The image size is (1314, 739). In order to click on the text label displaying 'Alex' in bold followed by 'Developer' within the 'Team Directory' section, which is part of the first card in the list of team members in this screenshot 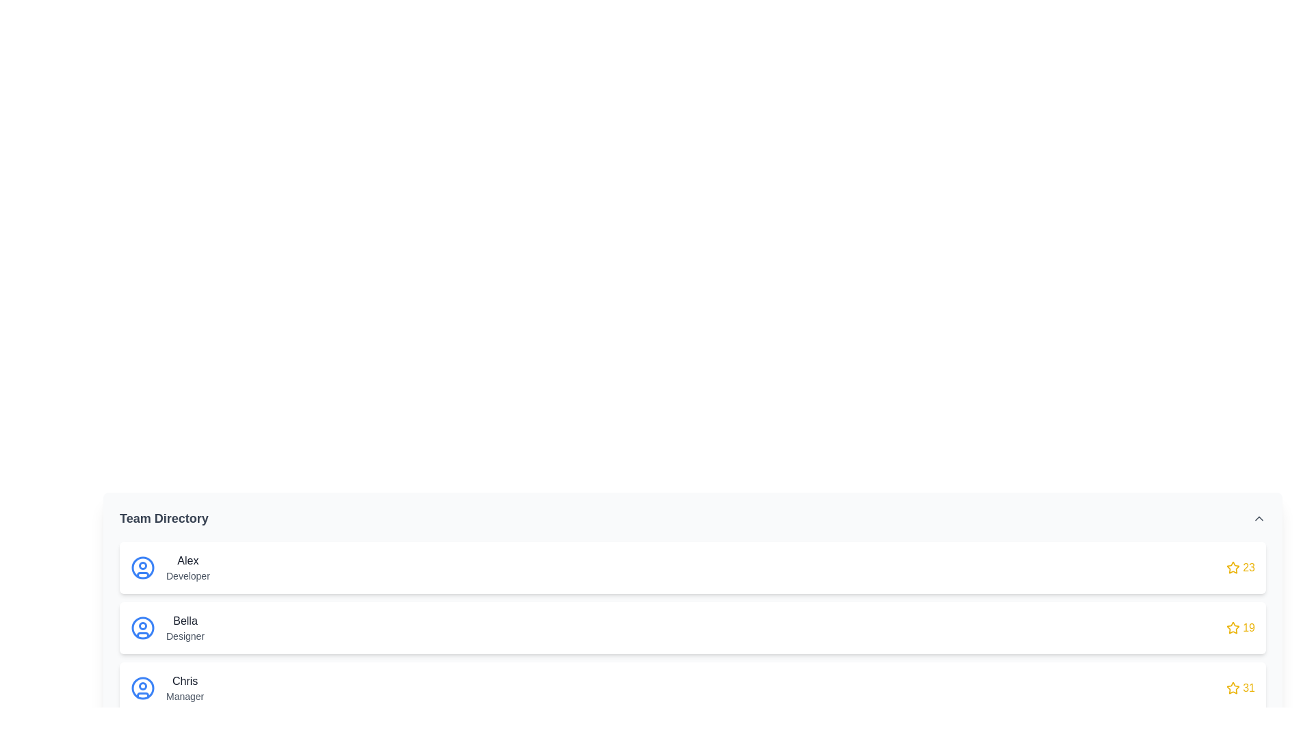, I will do `click(187, 567)`.